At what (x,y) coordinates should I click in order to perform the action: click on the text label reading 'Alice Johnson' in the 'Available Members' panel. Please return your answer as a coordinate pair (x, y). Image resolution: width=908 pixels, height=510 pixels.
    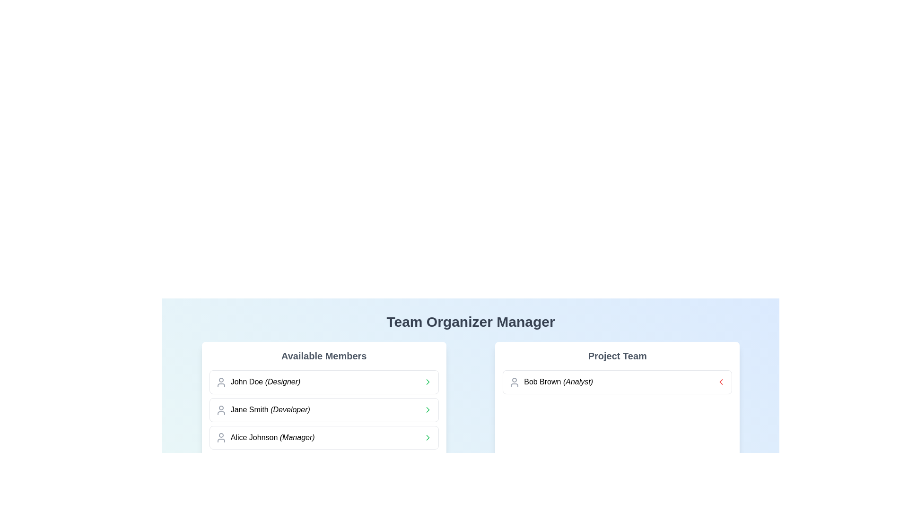
    Looking at the image, I should click on (254, 437).